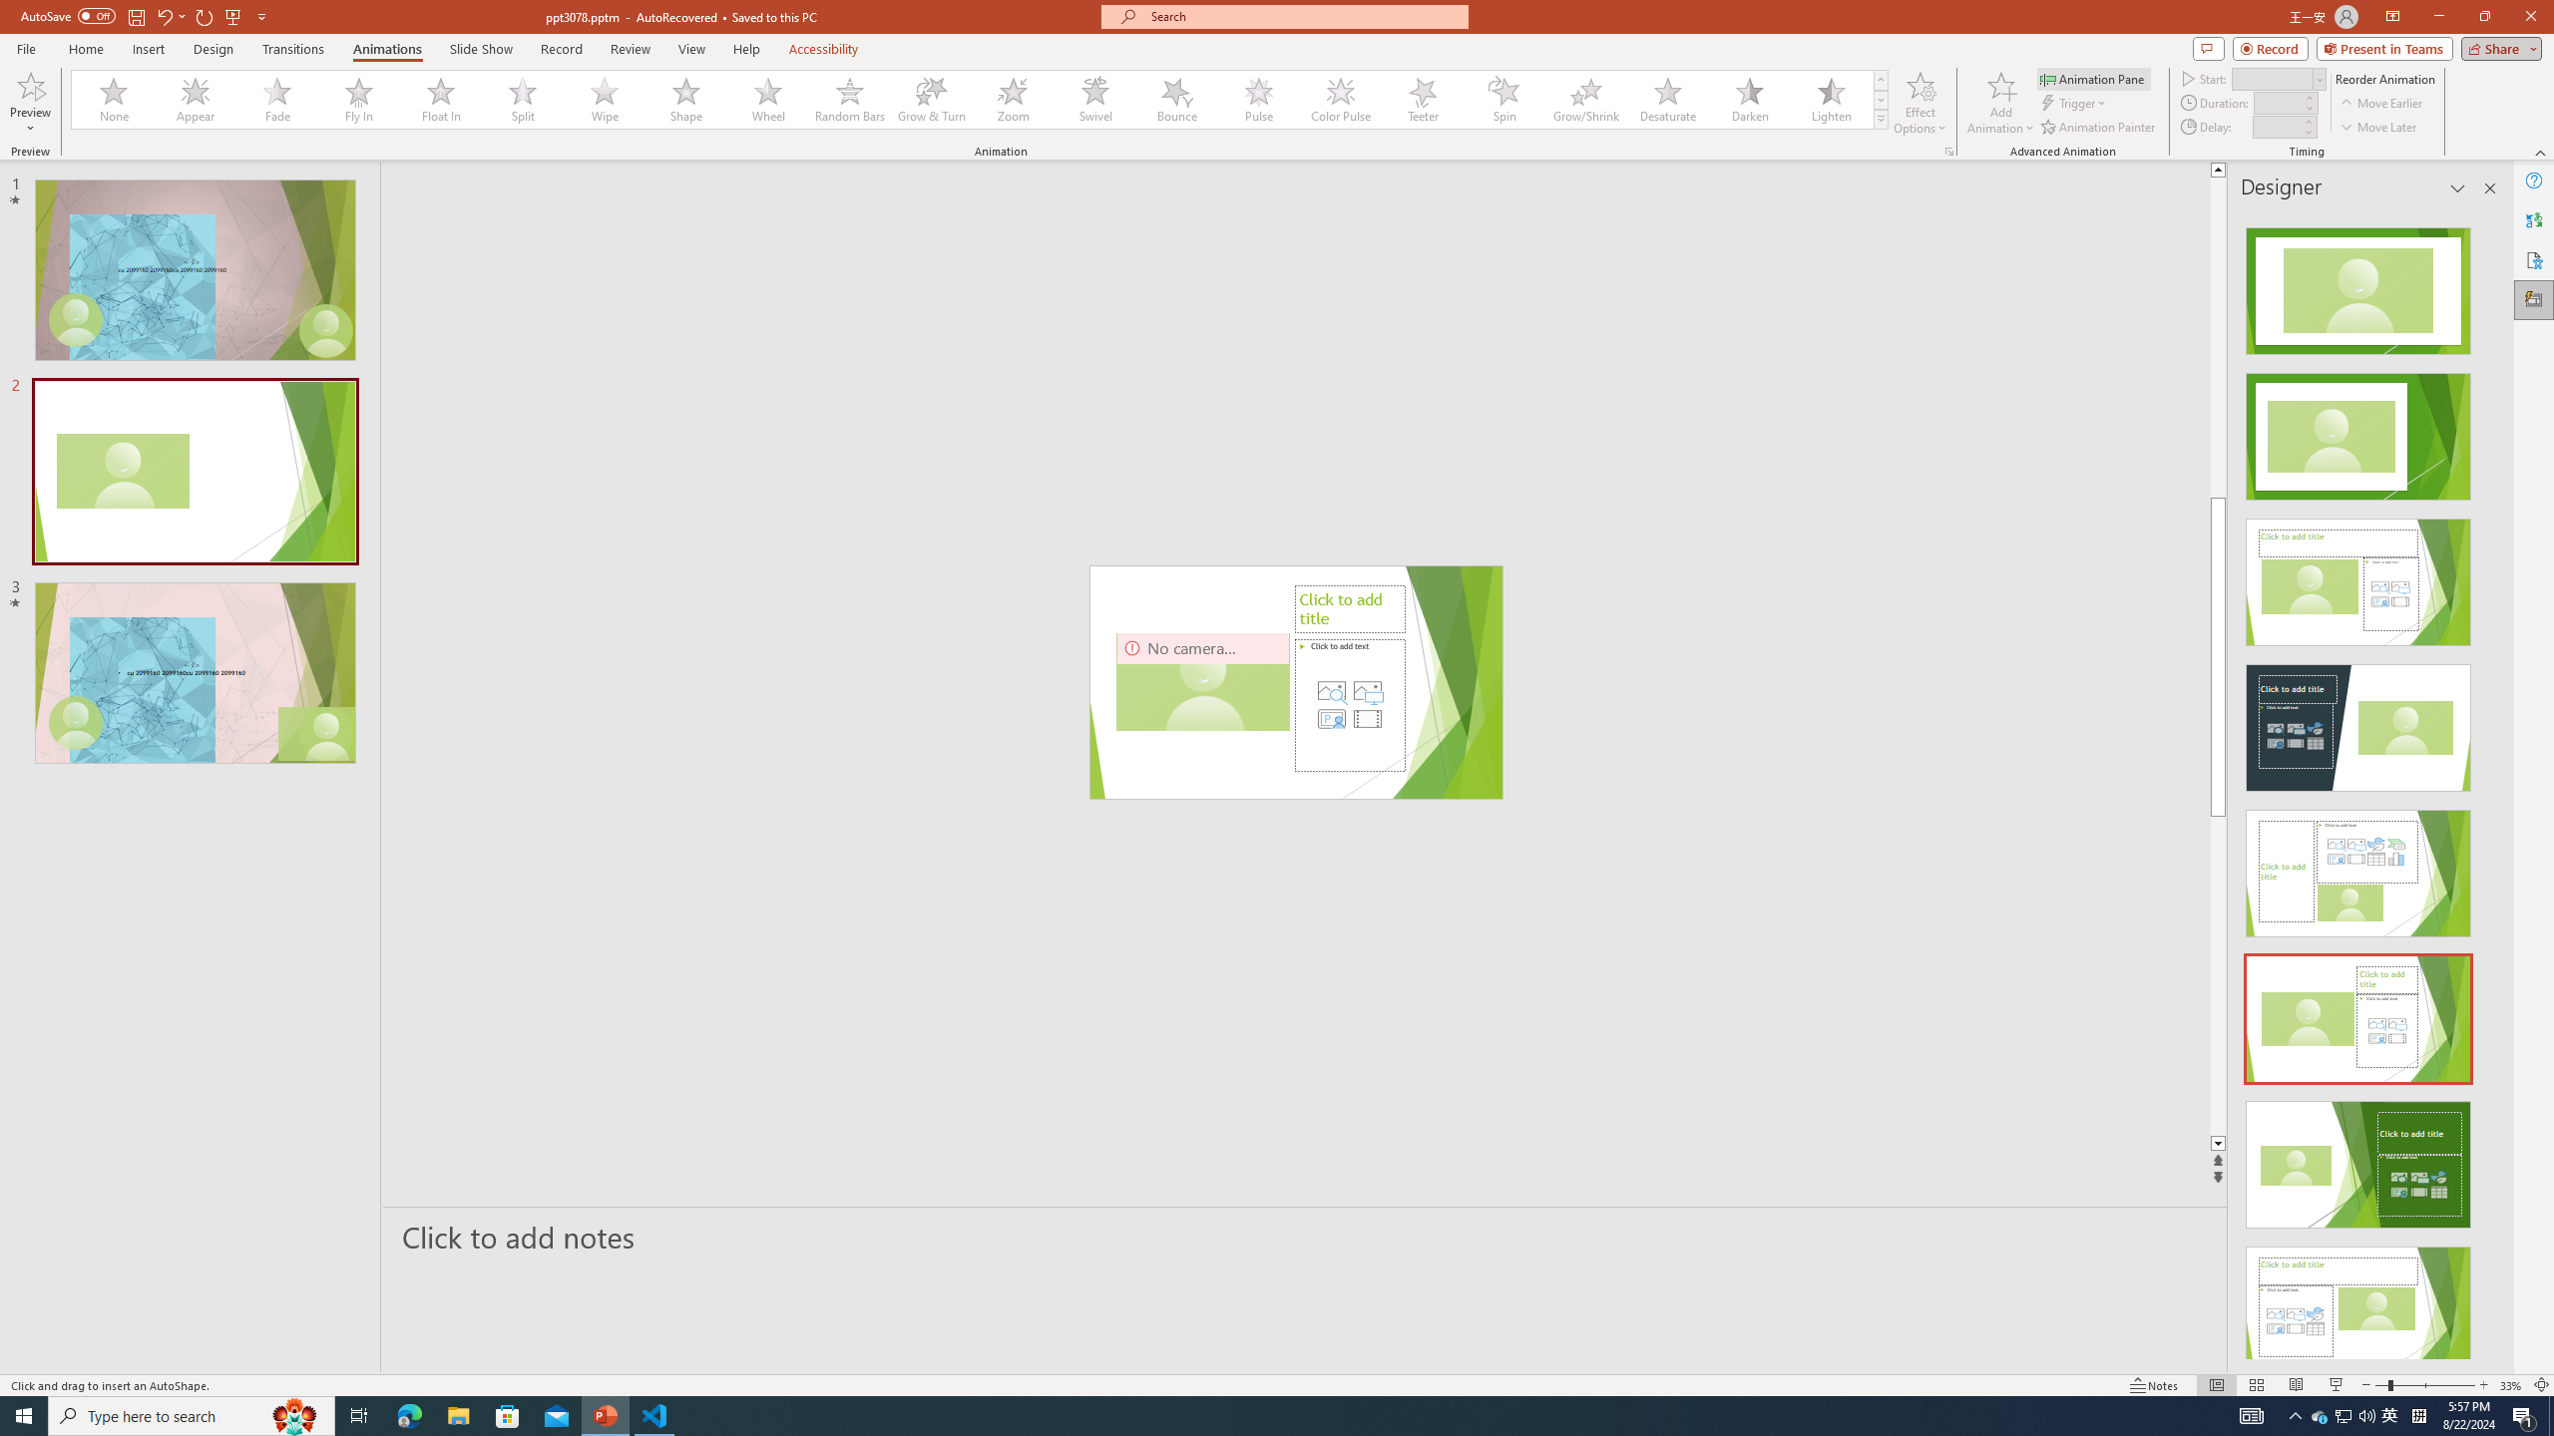  I want to click on 'Insert Cameo', so click(1331, 718).